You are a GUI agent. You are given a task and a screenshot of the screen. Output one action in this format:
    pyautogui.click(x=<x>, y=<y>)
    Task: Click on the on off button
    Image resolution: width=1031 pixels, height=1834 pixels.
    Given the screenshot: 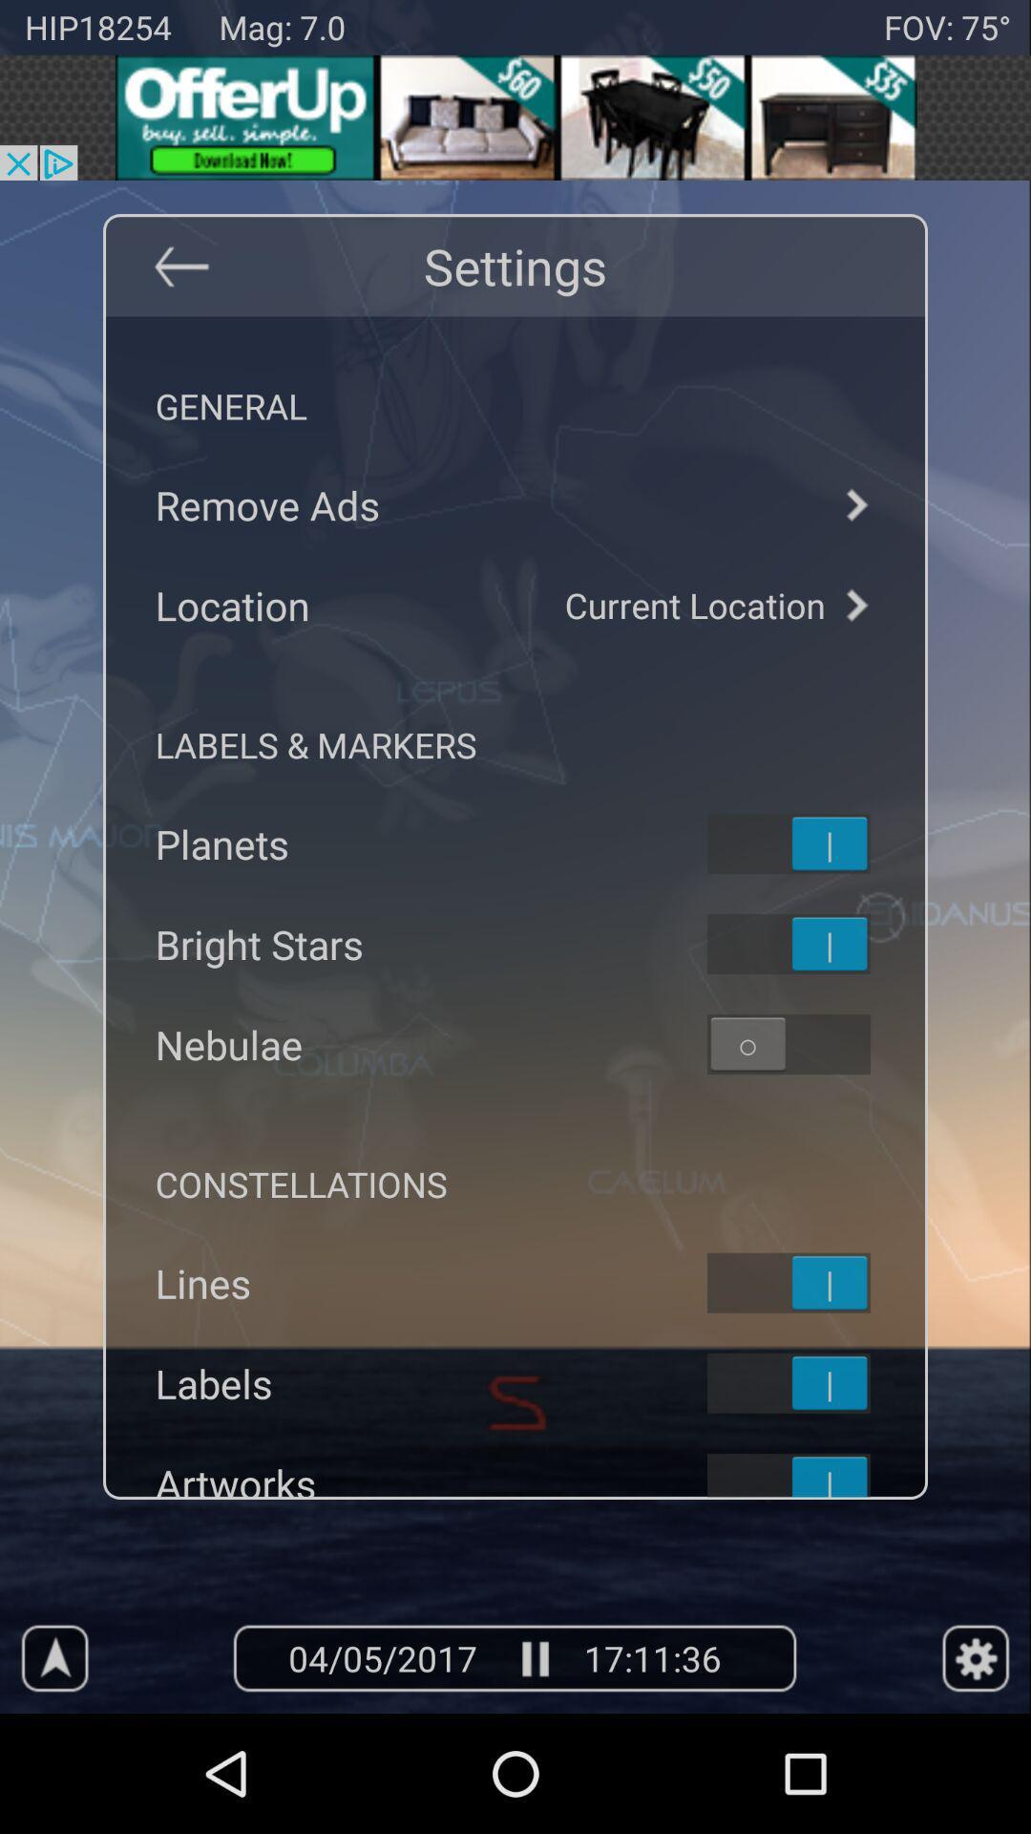 What is the action you would take?
    pyautogui.click(x=813, y=944)
    